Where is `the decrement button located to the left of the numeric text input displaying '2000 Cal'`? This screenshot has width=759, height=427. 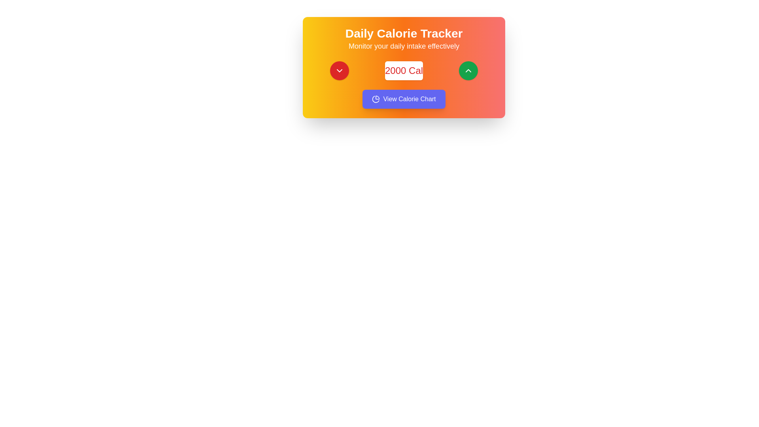 the decrement button located to the left of the numeric text input displaying '2000 Cal' is located at coordinates (340, 70).